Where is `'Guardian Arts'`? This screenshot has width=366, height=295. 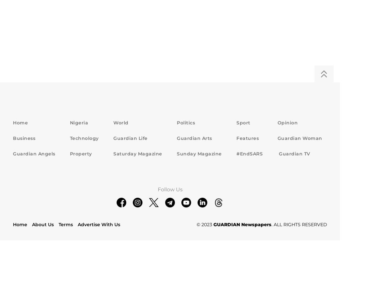 'Guardian Arts' is located at coordinates (194, 138).